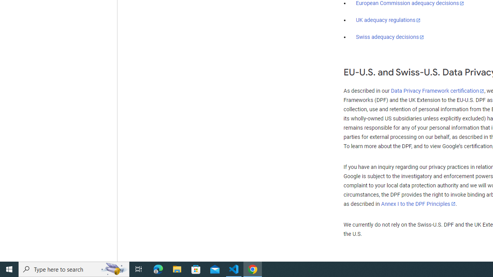  What do you see at coordinates (390, 37) in the screenshot?
I see `'Swiss adequacy decisions'` at bounding box center [390, 37].